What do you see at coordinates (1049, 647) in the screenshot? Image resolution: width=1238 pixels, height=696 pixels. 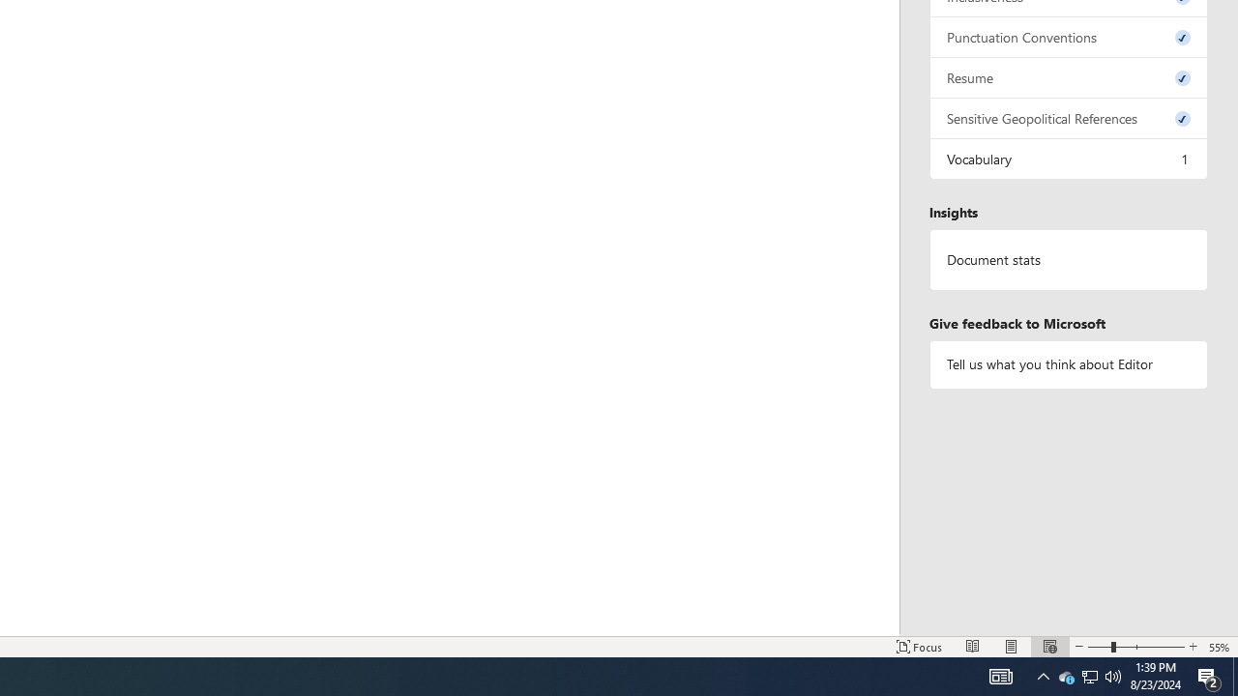 I see `'Web Layout'` at bounding box center [1049, 647].